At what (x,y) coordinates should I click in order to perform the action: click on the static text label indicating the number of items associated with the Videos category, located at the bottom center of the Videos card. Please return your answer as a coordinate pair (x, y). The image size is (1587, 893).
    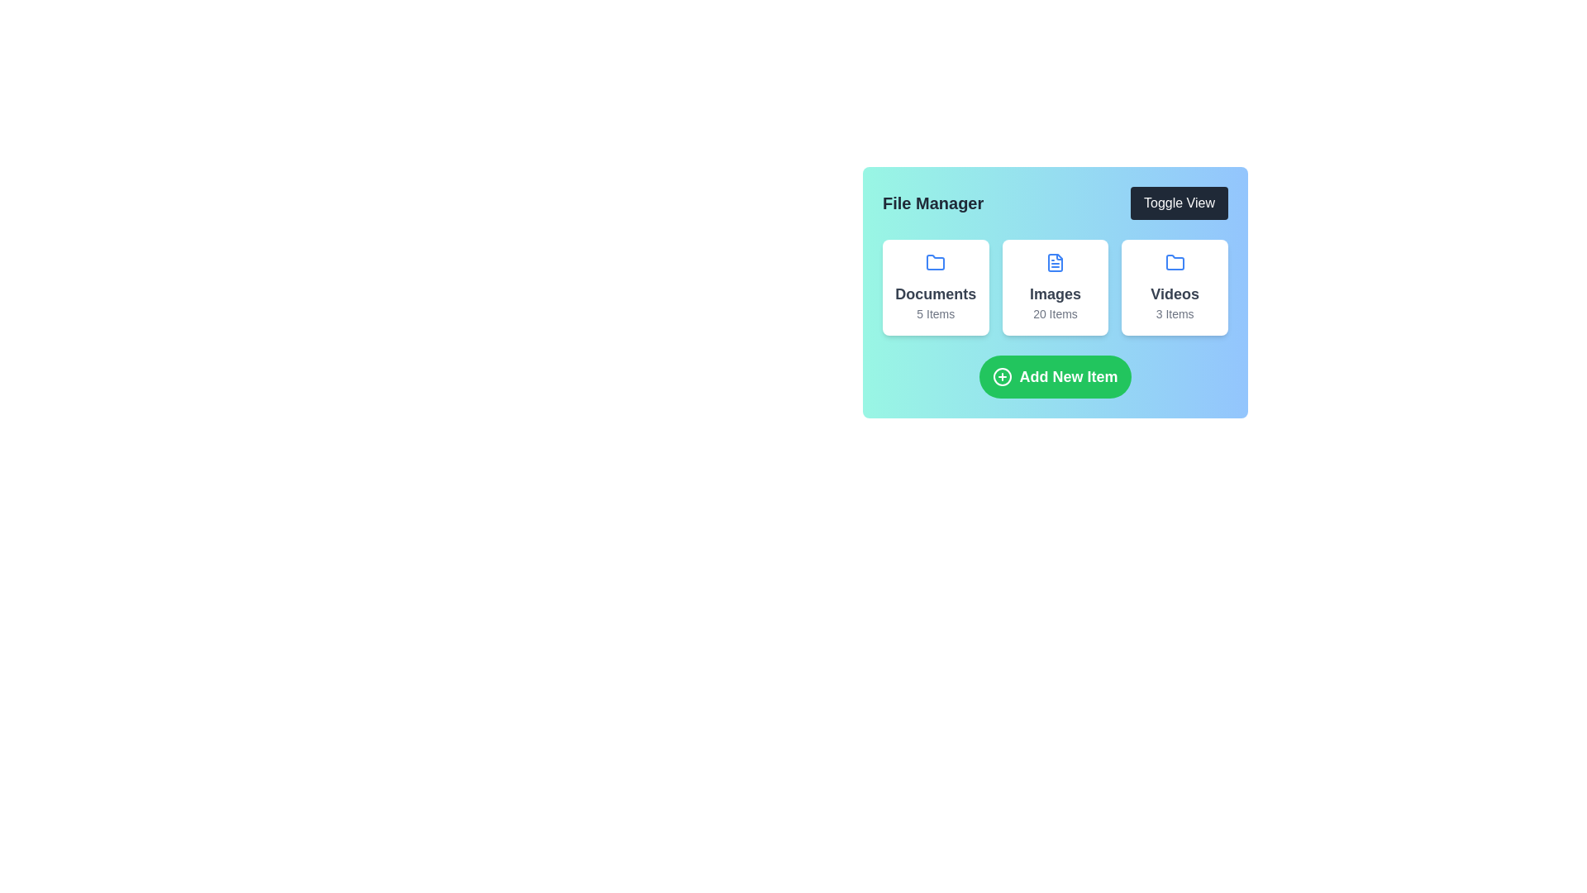
    Looking at the image, I should click on (1174, 314).